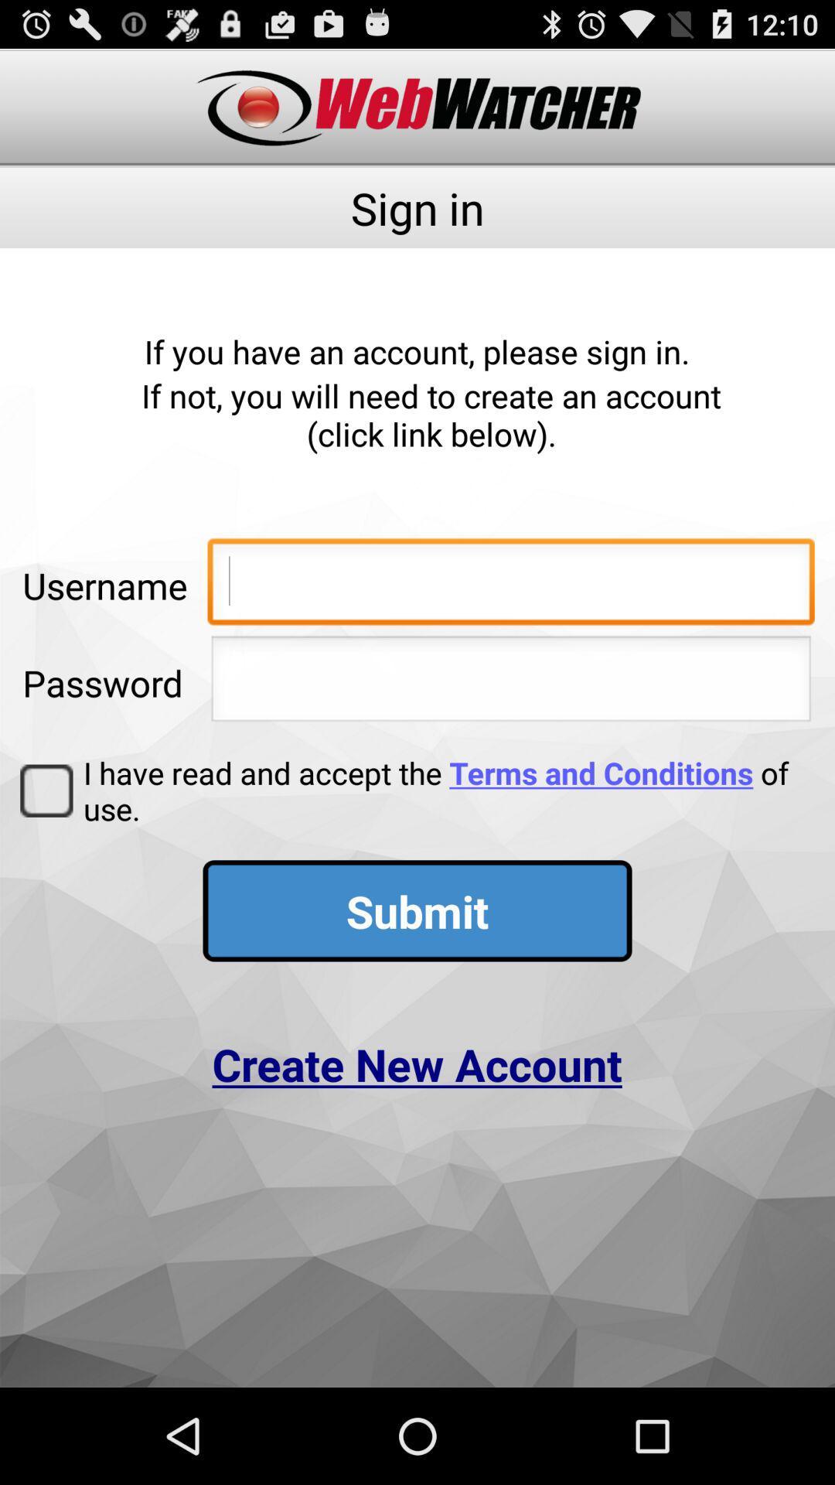  Describe the element at coordinates (46, 790) in the screenshot. I see `item below password app` at that location.